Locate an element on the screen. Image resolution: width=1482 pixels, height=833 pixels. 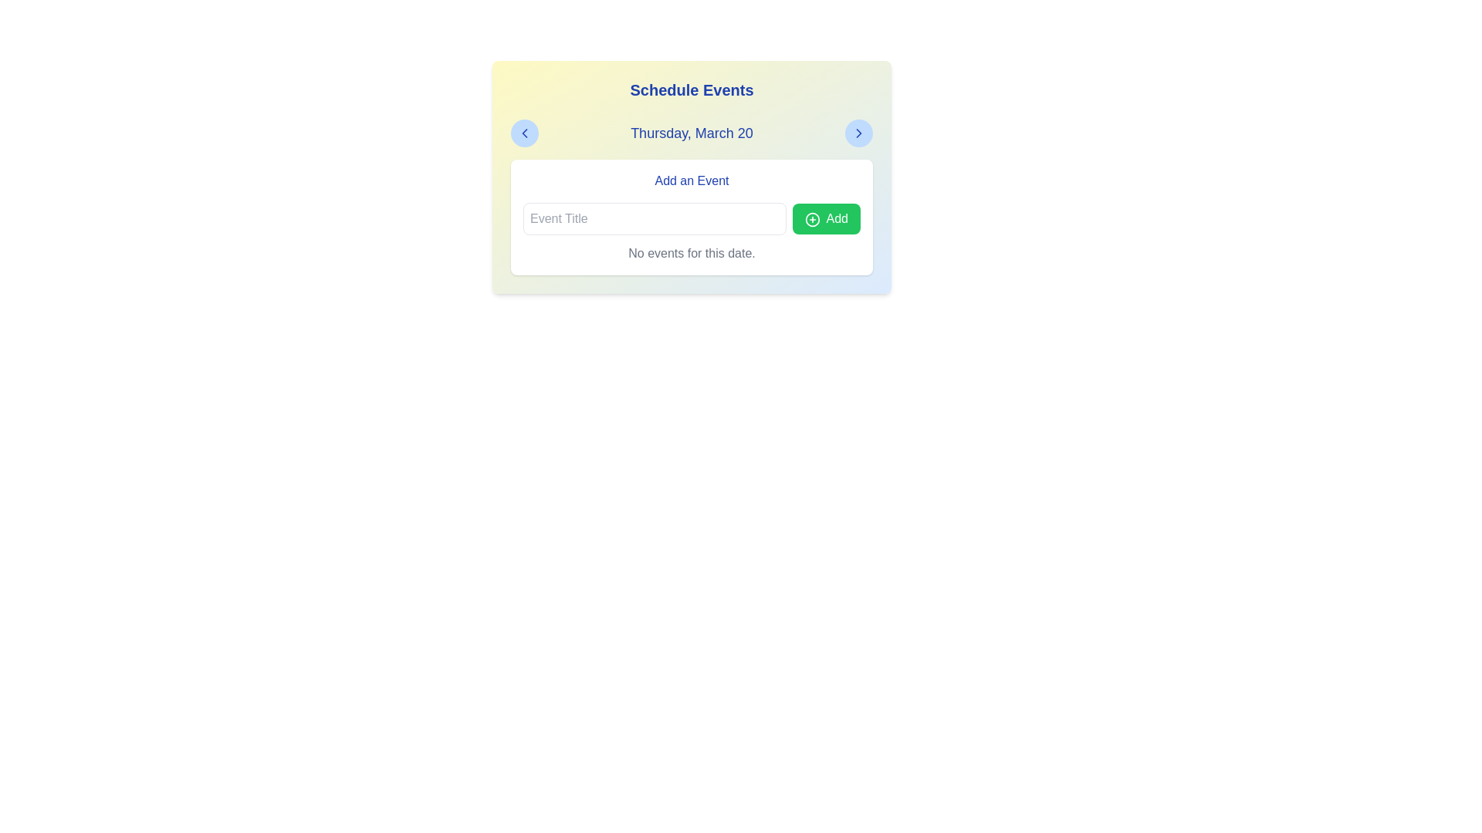
the left-facing chevron icon within the circular button is located at coordinates (525, 133).